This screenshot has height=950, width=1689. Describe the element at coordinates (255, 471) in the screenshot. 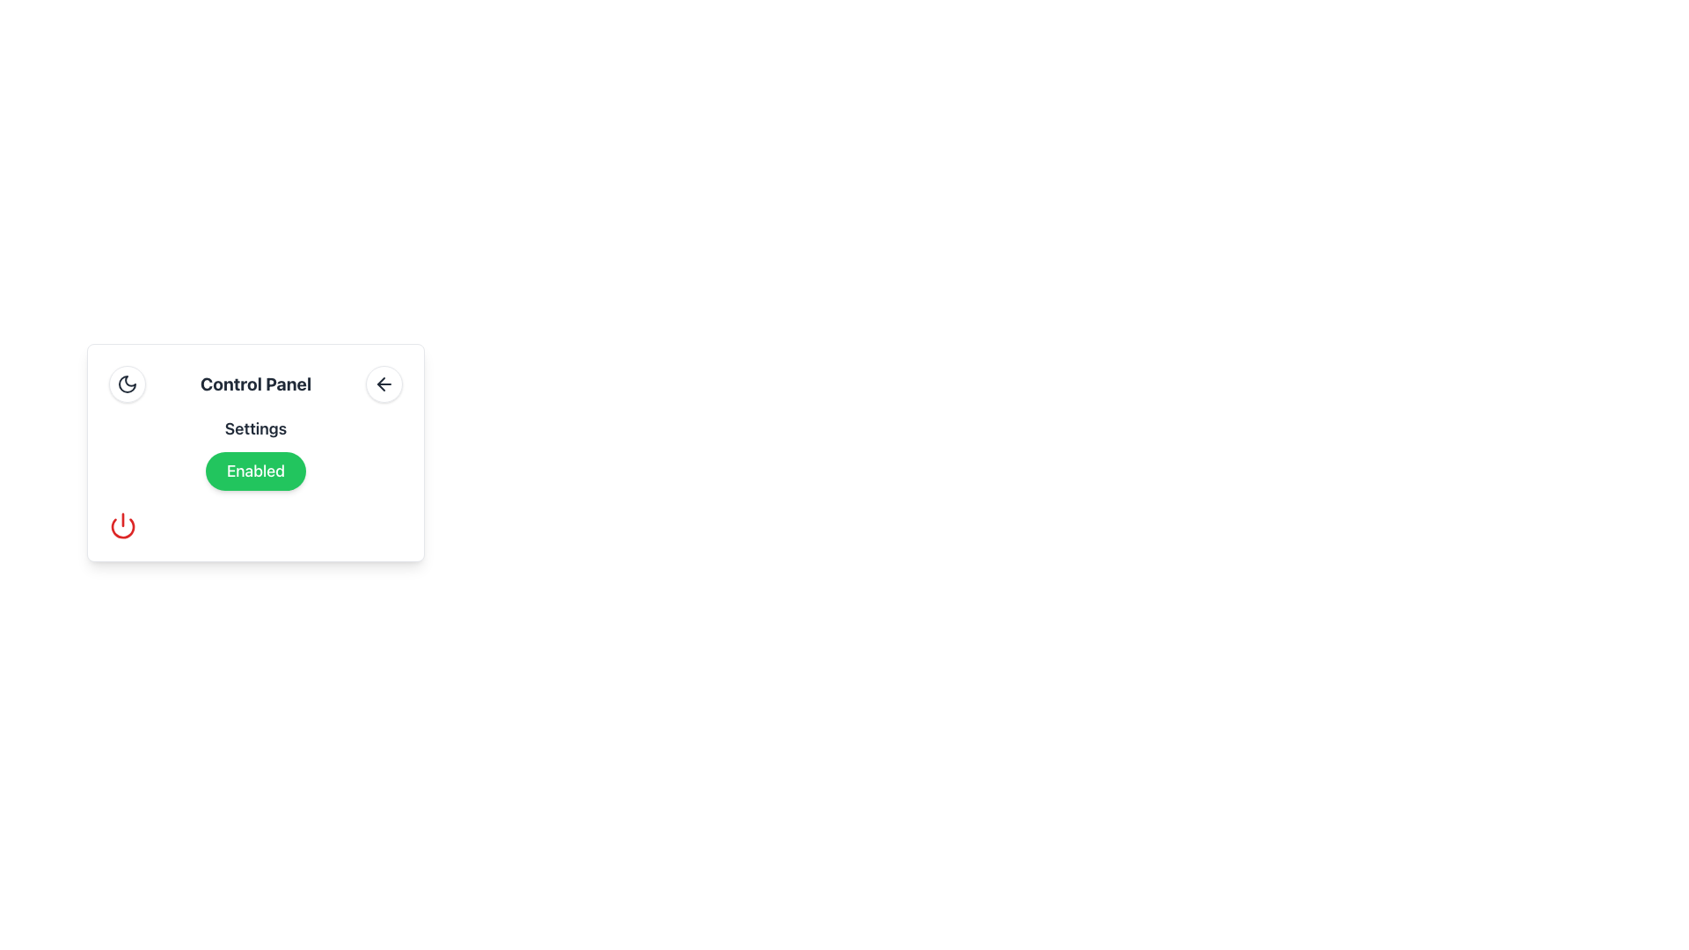

I see `the rounded rectangular button with a green background and white text reading 'Enabled'` at that location.